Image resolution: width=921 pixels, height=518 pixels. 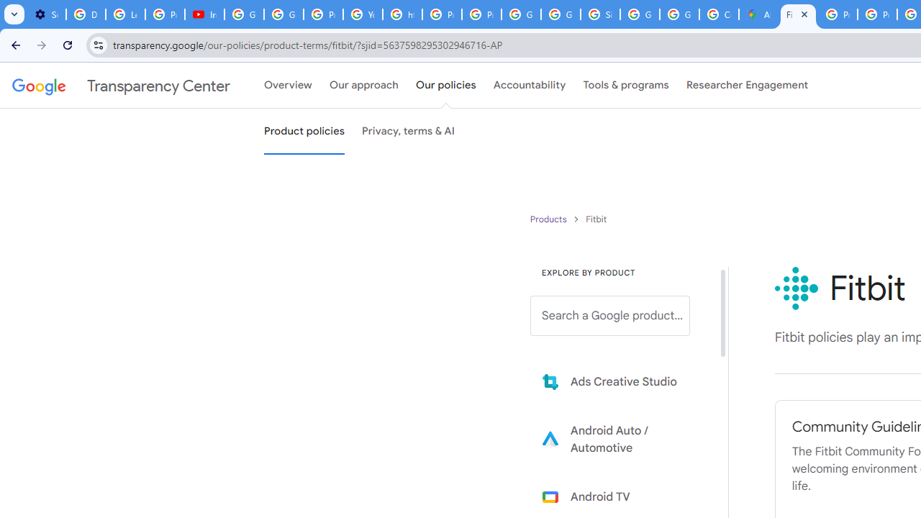 I want to click on 'Fitbit Policies and Guidelines - Transparency Center', so click(x=797, y=14).